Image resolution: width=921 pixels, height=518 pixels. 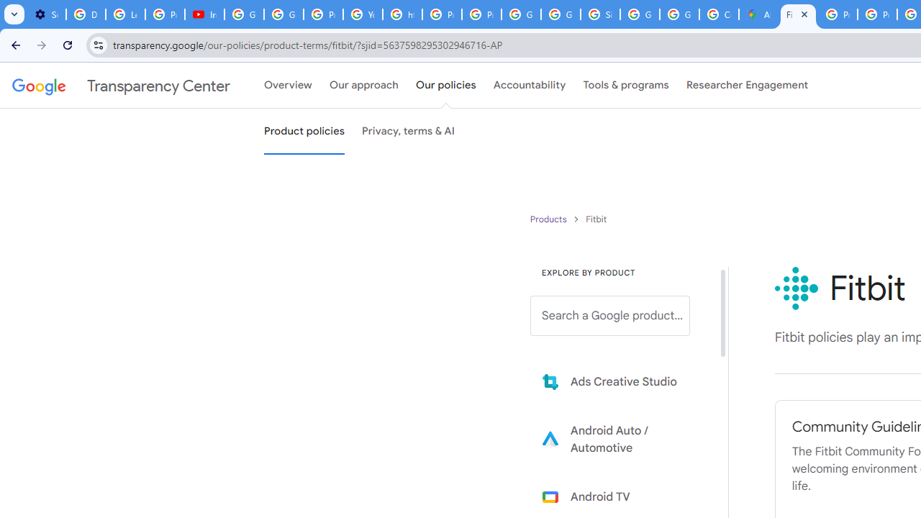 I want to click on 'Fitbit Policies and Guidelines - Transparency Center', so click(x=797, y=14).